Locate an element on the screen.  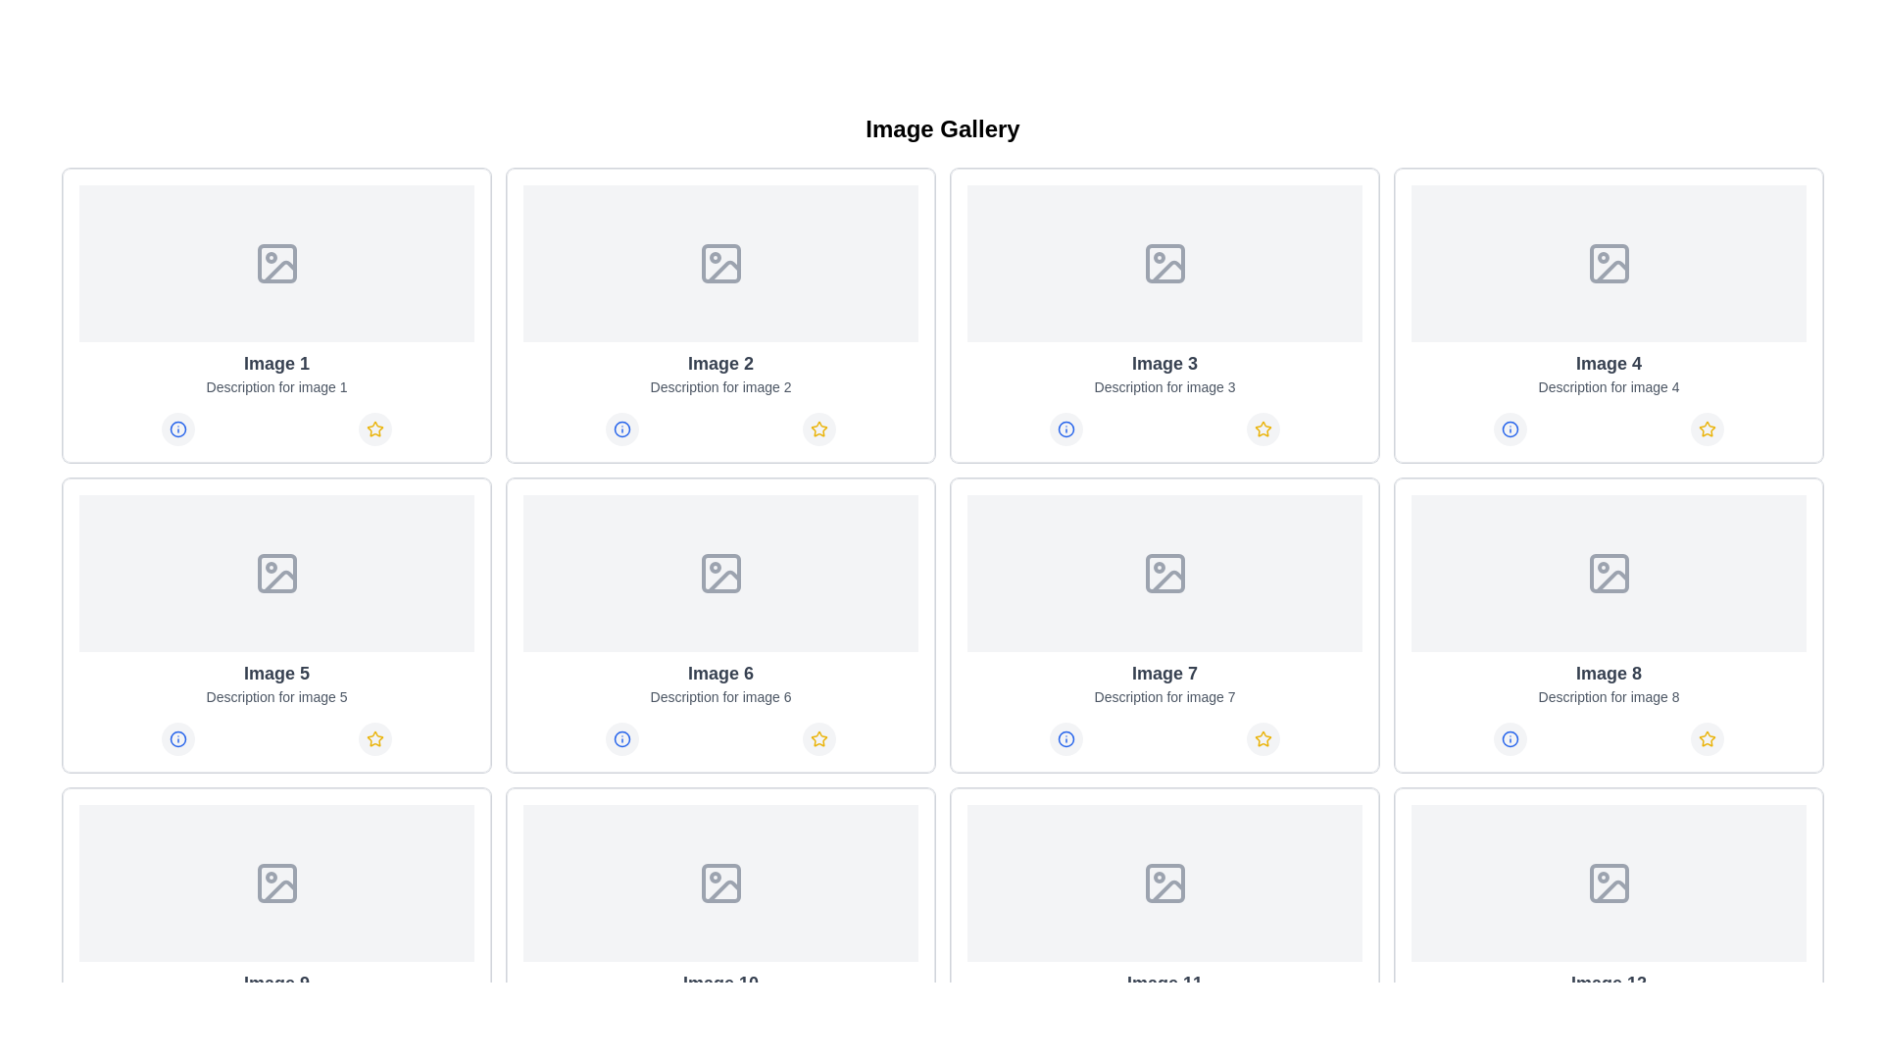
the mountain icon within the card labeled 'Image 6' is located at coordinates (719, 574).